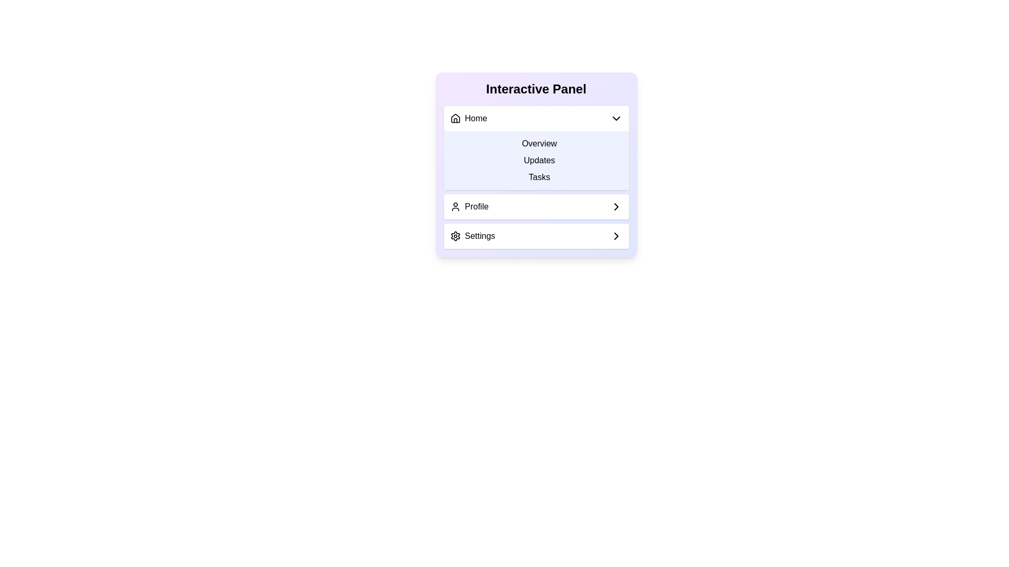  I want to click on the right-pointing chevron icon located at the far right of the 'Profile' row, so click(616, 206).